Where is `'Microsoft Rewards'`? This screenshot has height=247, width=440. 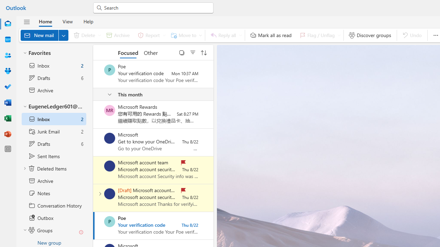 'Microsoft Rewards' is located at coordinates (109, 110).